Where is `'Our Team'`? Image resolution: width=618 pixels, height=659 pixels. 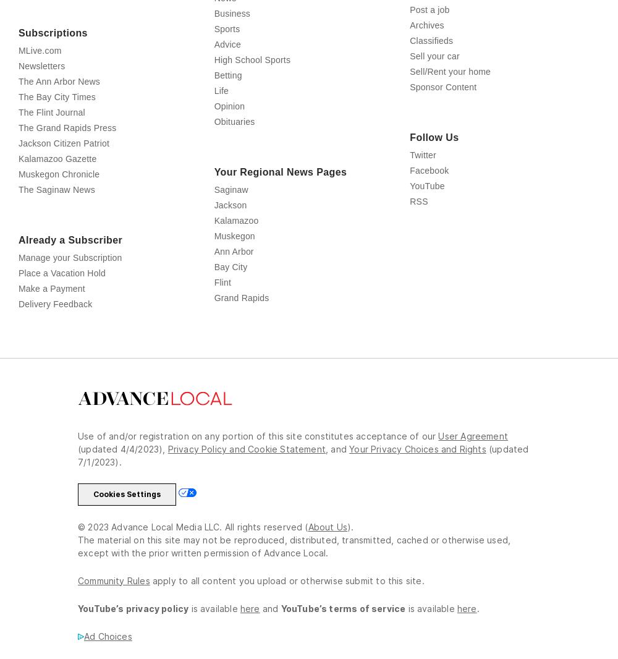
'Our Team' is located at coordinates (19, 20).